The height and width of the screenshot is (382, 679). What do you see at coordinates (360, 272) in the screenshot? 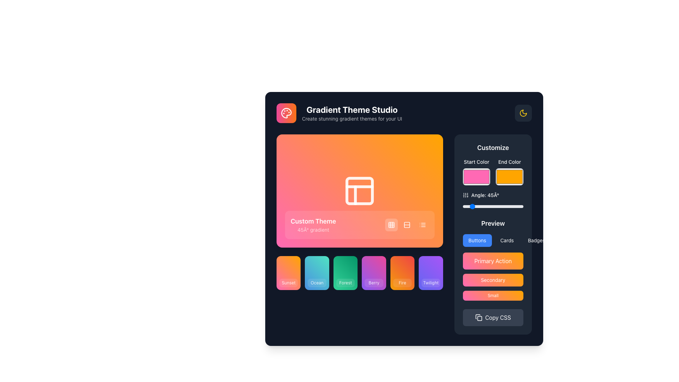
I see `the 'Forest' theme selection button, which is the third block from the left in a grid layout, located in the bottom section of the interface below a gradient preview area` at bounding box center [360, 272].